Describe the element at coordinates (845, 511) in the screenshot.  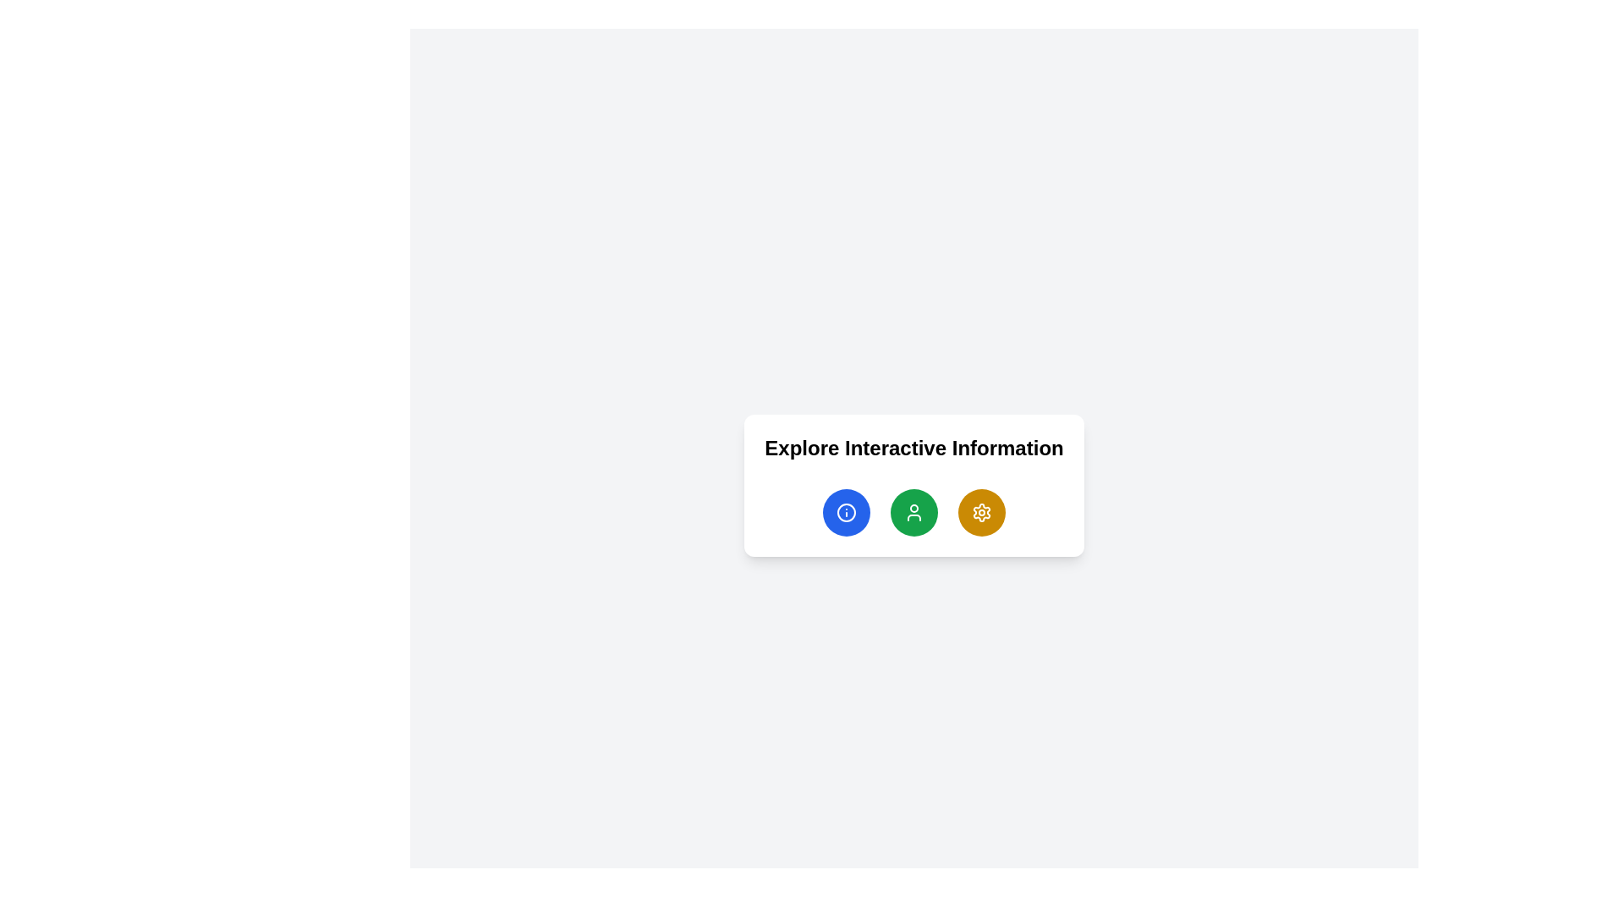
I see `the informational icon button, which is the leftmost of three circular icons located below the text label 'Explore Interactive Information'` at that location.